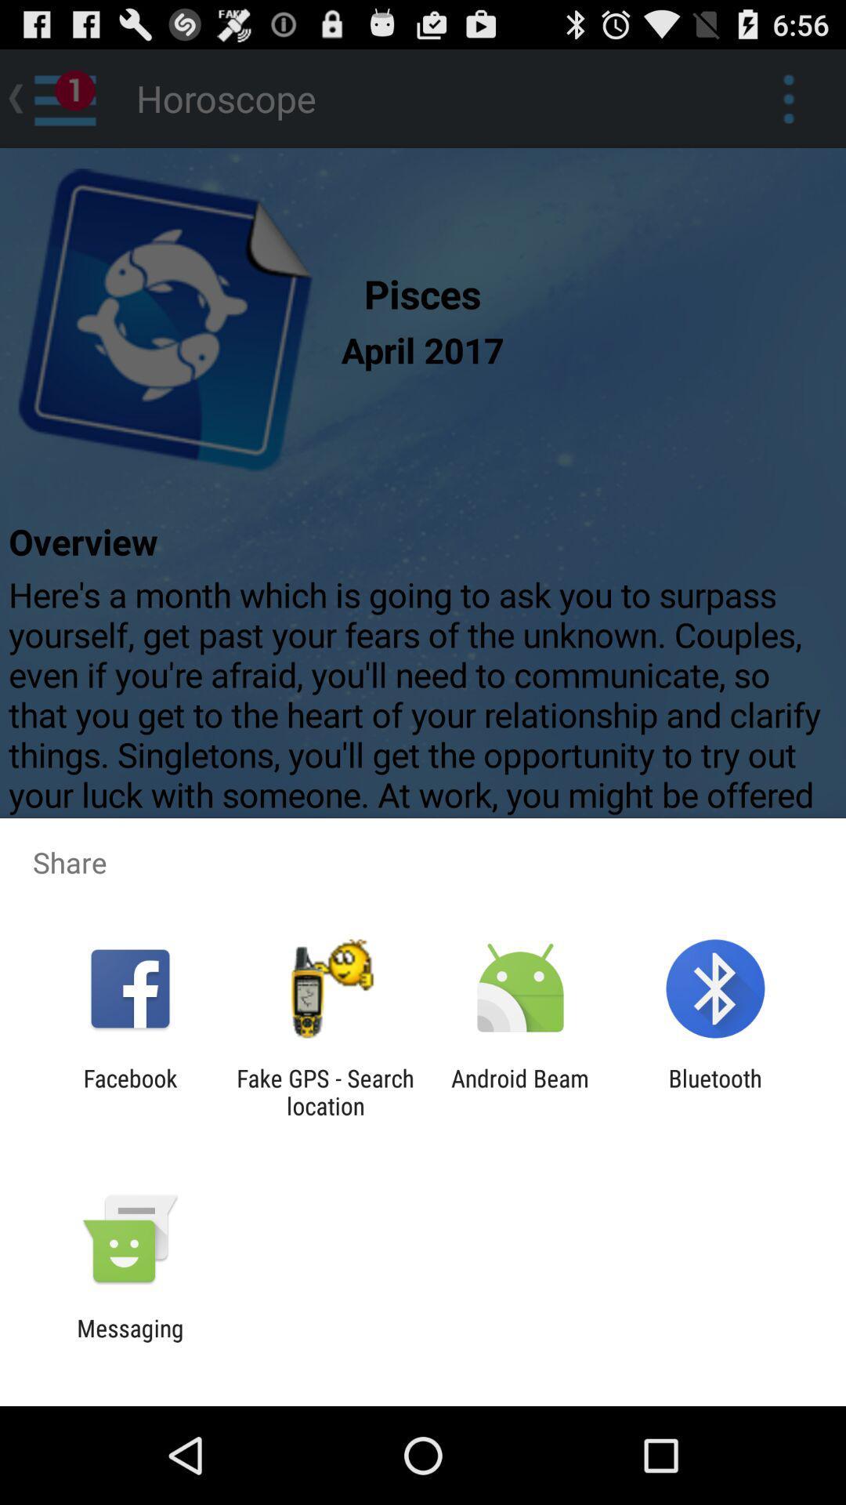  What do you see at coordinates (520, 1091) in the screenshot?
I see `item next to the fake gps search item` at bounding box center [520, 1091].